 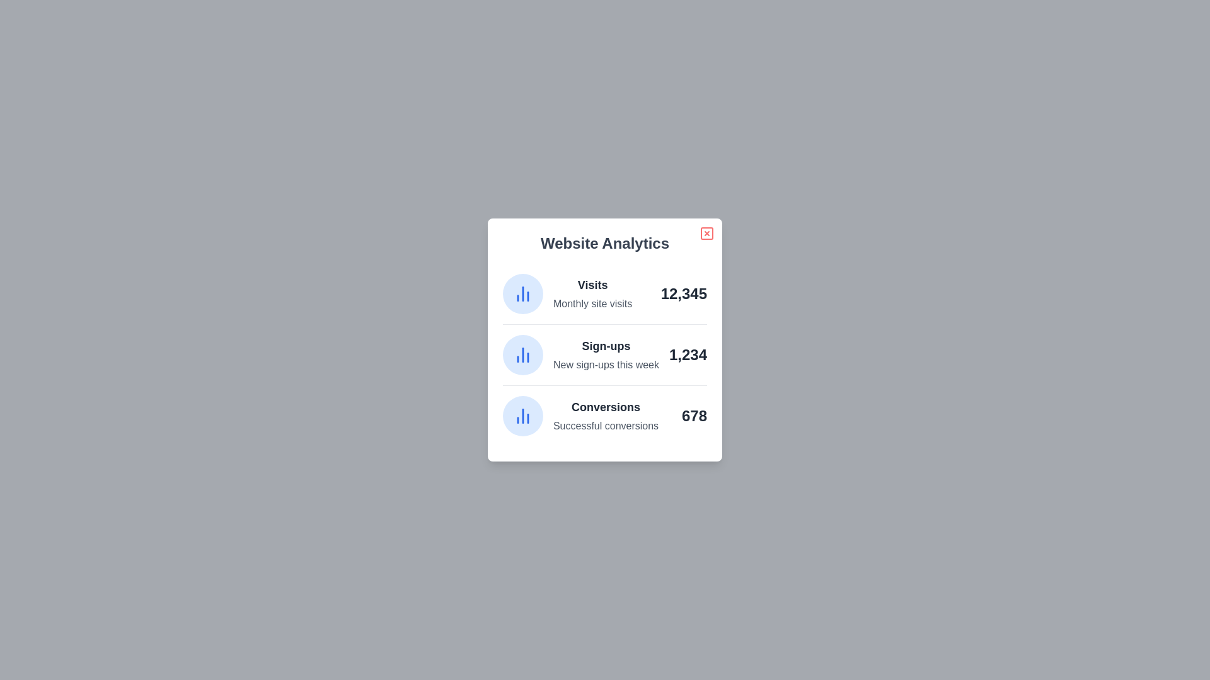 I want to click on close button in the top-right corner of the dialog, so click(x=707, y=233).